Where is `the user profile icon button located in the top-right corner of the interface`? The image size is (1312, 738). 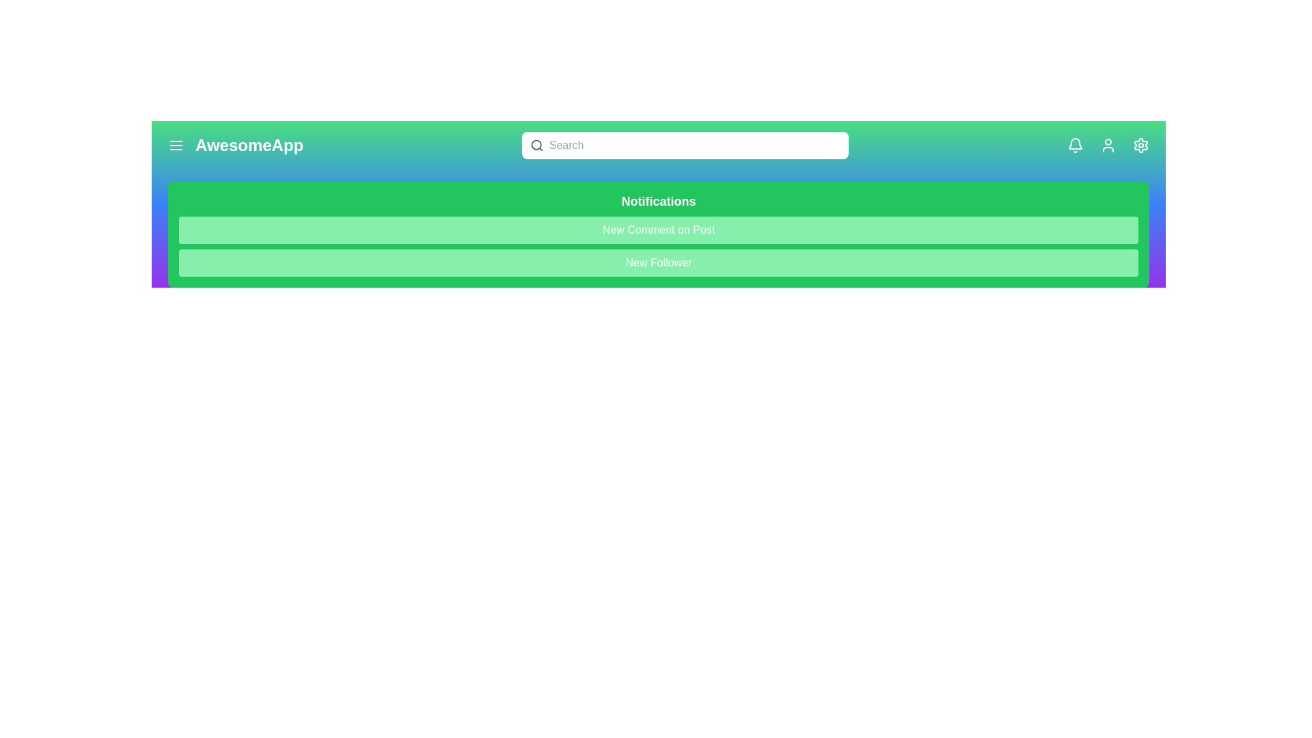 the user profile icon button located in the top-right corner of the interface is located at coordinates (1108, 145).